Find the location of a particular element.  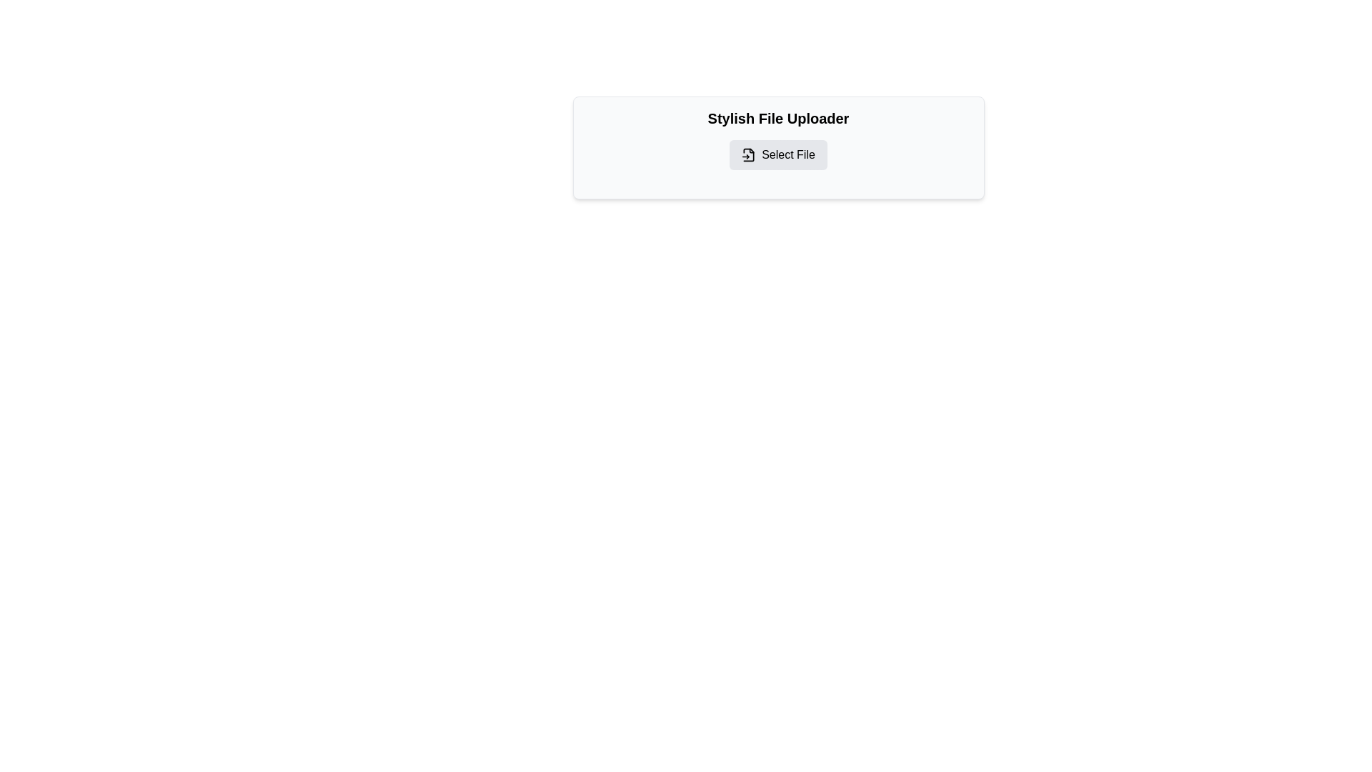

the file selection icon located to the left of the 'Select File' text within the gray rectangular button with a dashed border is located at coordinates (748, 154).